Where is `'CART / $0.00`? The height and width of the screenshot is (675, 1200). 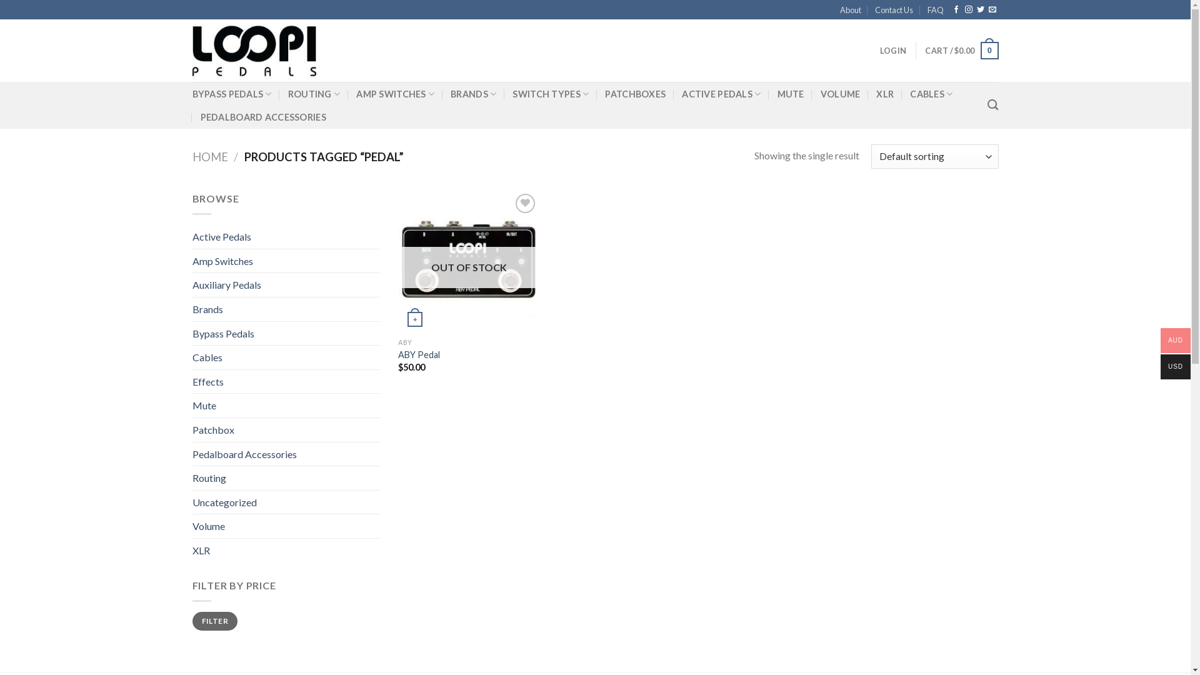 'CART / $0.00 is located at coordinates (961, 50).